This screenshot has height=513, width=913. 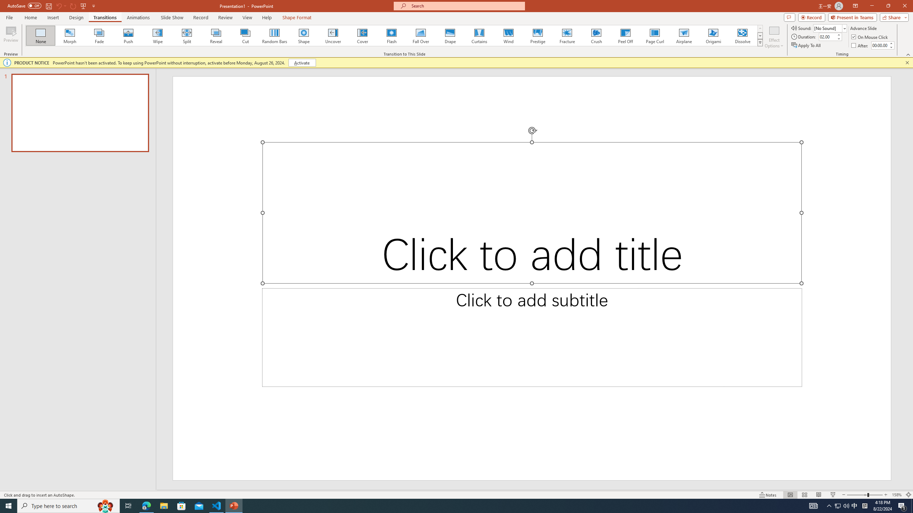 What do you see at coordinates (479, 35) in the screenshot?
I see `'Curtains'` at bounding box center [479, 35].